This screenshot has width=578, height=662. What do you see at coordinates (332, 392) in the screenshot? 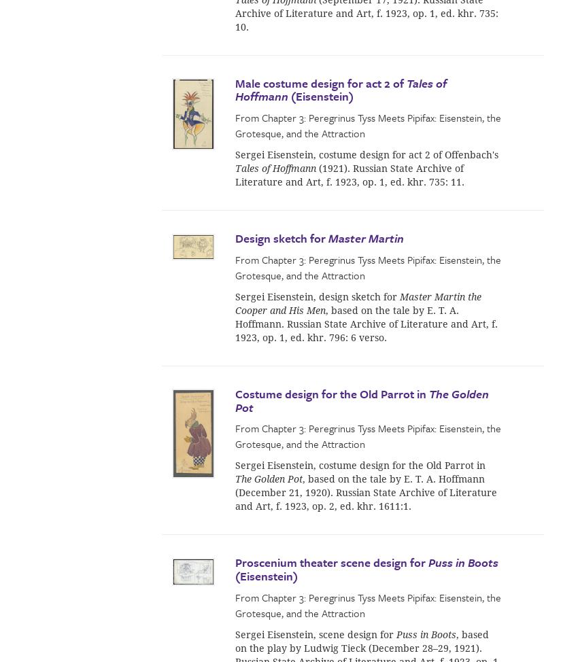
I see `'Costume design for the Old Parrot in'` at bounding box center [332, 392].